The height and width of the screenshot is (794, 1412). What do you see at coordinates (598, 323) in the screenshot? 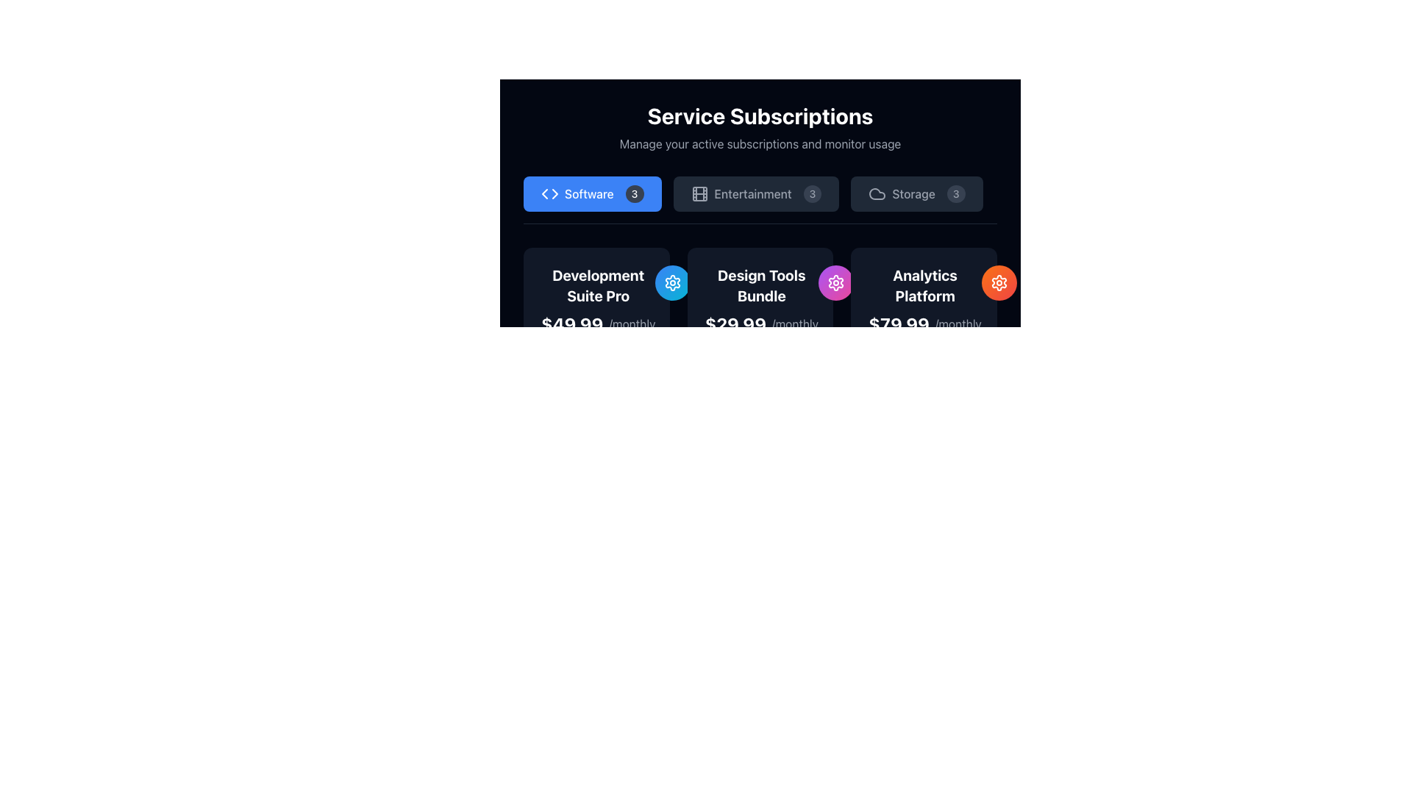
I see `the price text label located below the 'Development Suite Pro' header, emphasizing the subscription plan amount and billing term` at bounding box center [598, 323].